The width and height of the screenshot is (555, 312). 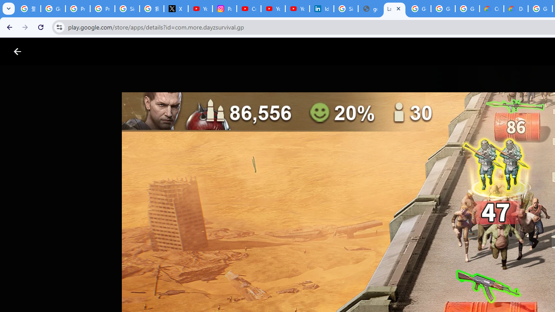 I want to click on 'X', so click(x=175, y=9).